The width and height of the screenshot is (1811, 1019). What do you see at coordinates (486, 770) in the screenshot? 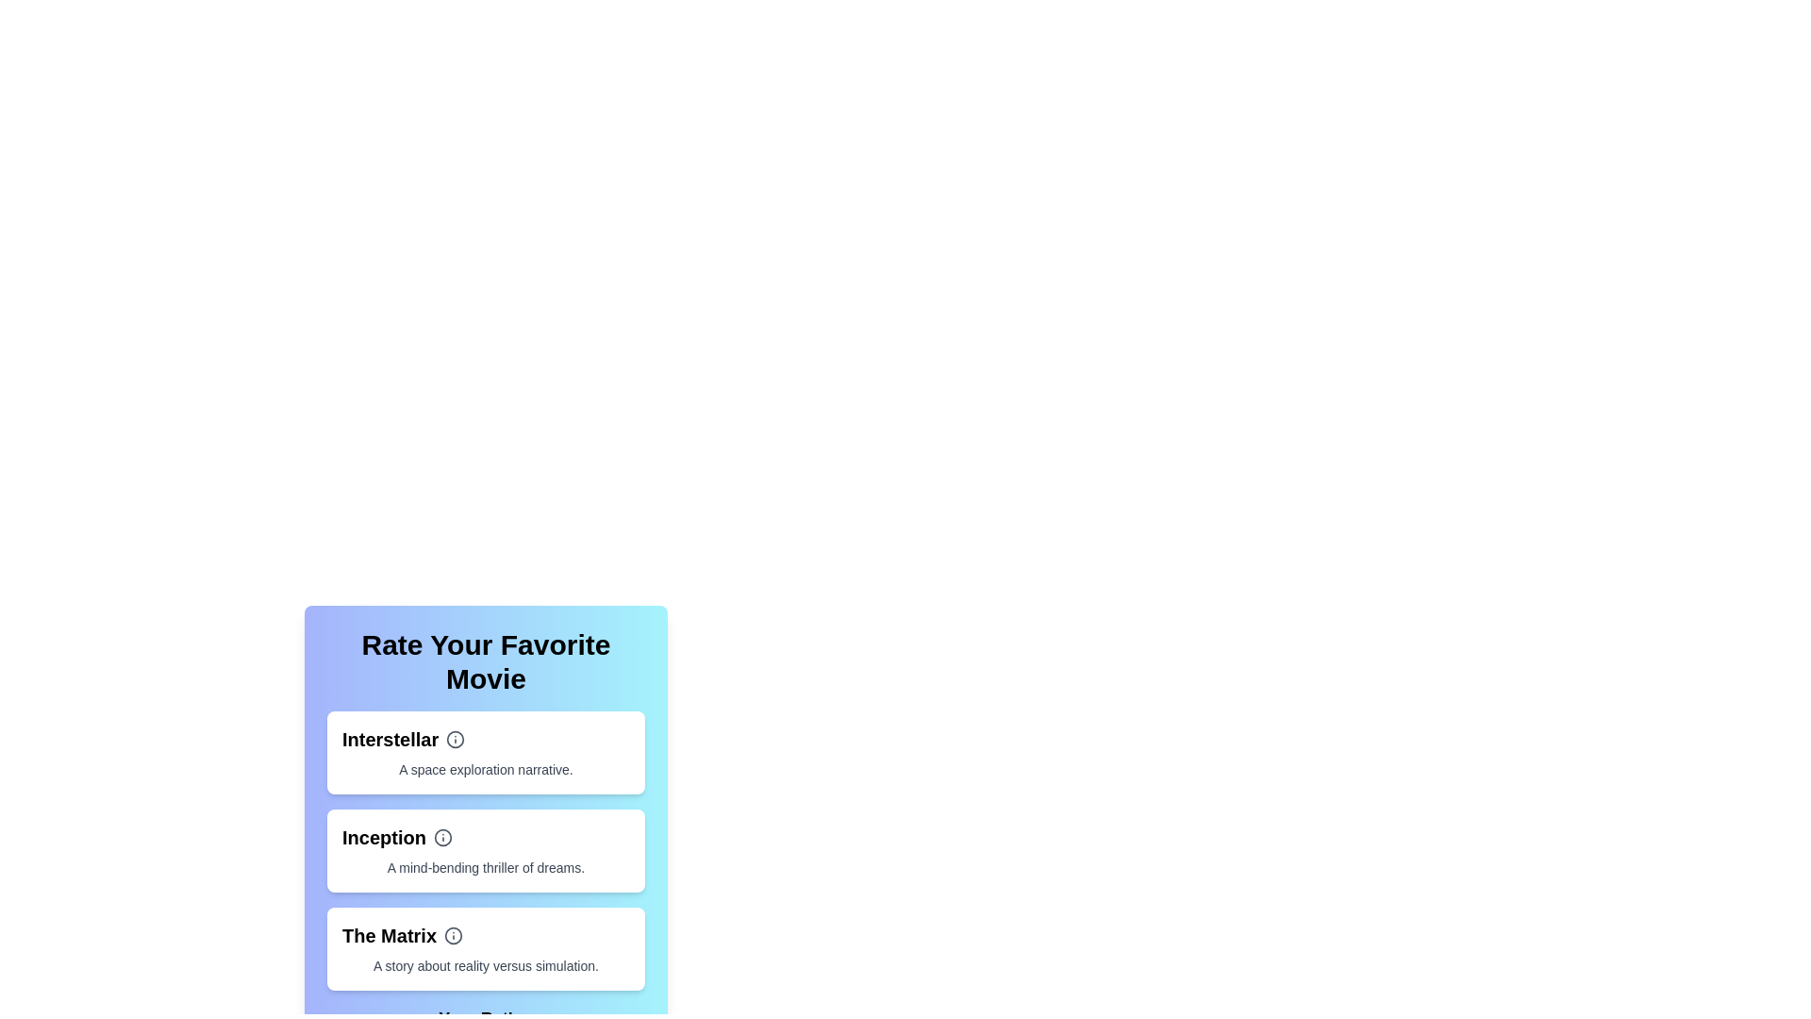
I see `descriptive text label related to the 'Interstellar' movie, which is located under the 'Interstellar' heading in the first card of a vertical list` at bounding box center [486, 770].